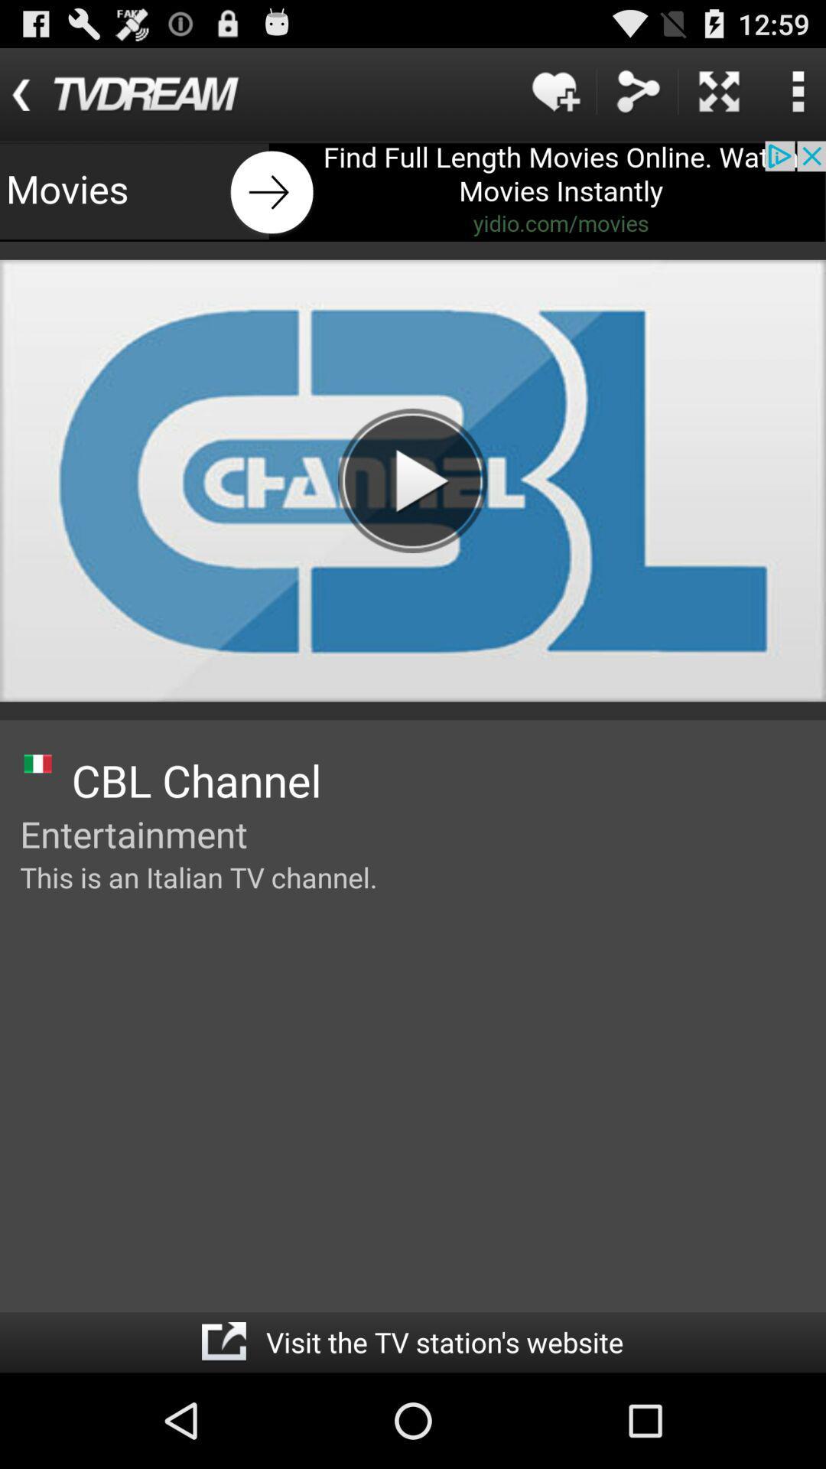  Describe the element at coordinates (797, 90) in the screenshot. I see `access settings` at that location.